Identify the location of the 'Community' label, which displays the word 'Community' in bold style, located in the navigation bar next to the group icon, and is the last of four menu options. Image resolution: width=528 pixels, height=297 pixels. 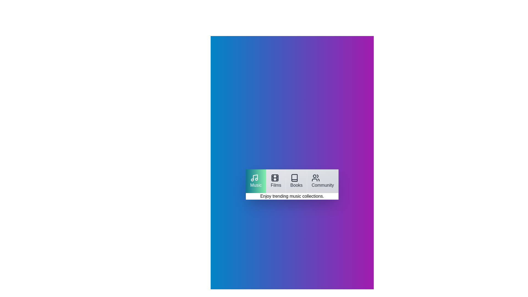
(323, 185).